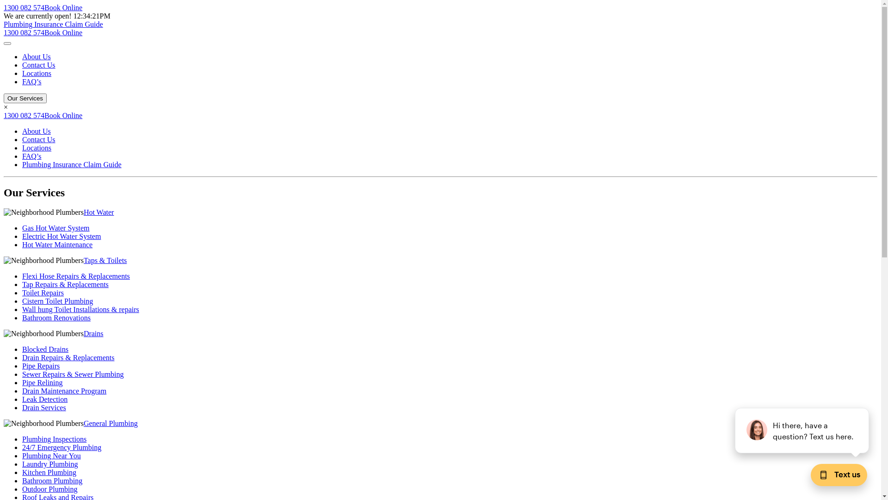 The image size is (888, 500). What do you see at coordinates (51, 455) in the screenshot?
I see `'Plumbing Near You'` at bounding box center [51, 455].